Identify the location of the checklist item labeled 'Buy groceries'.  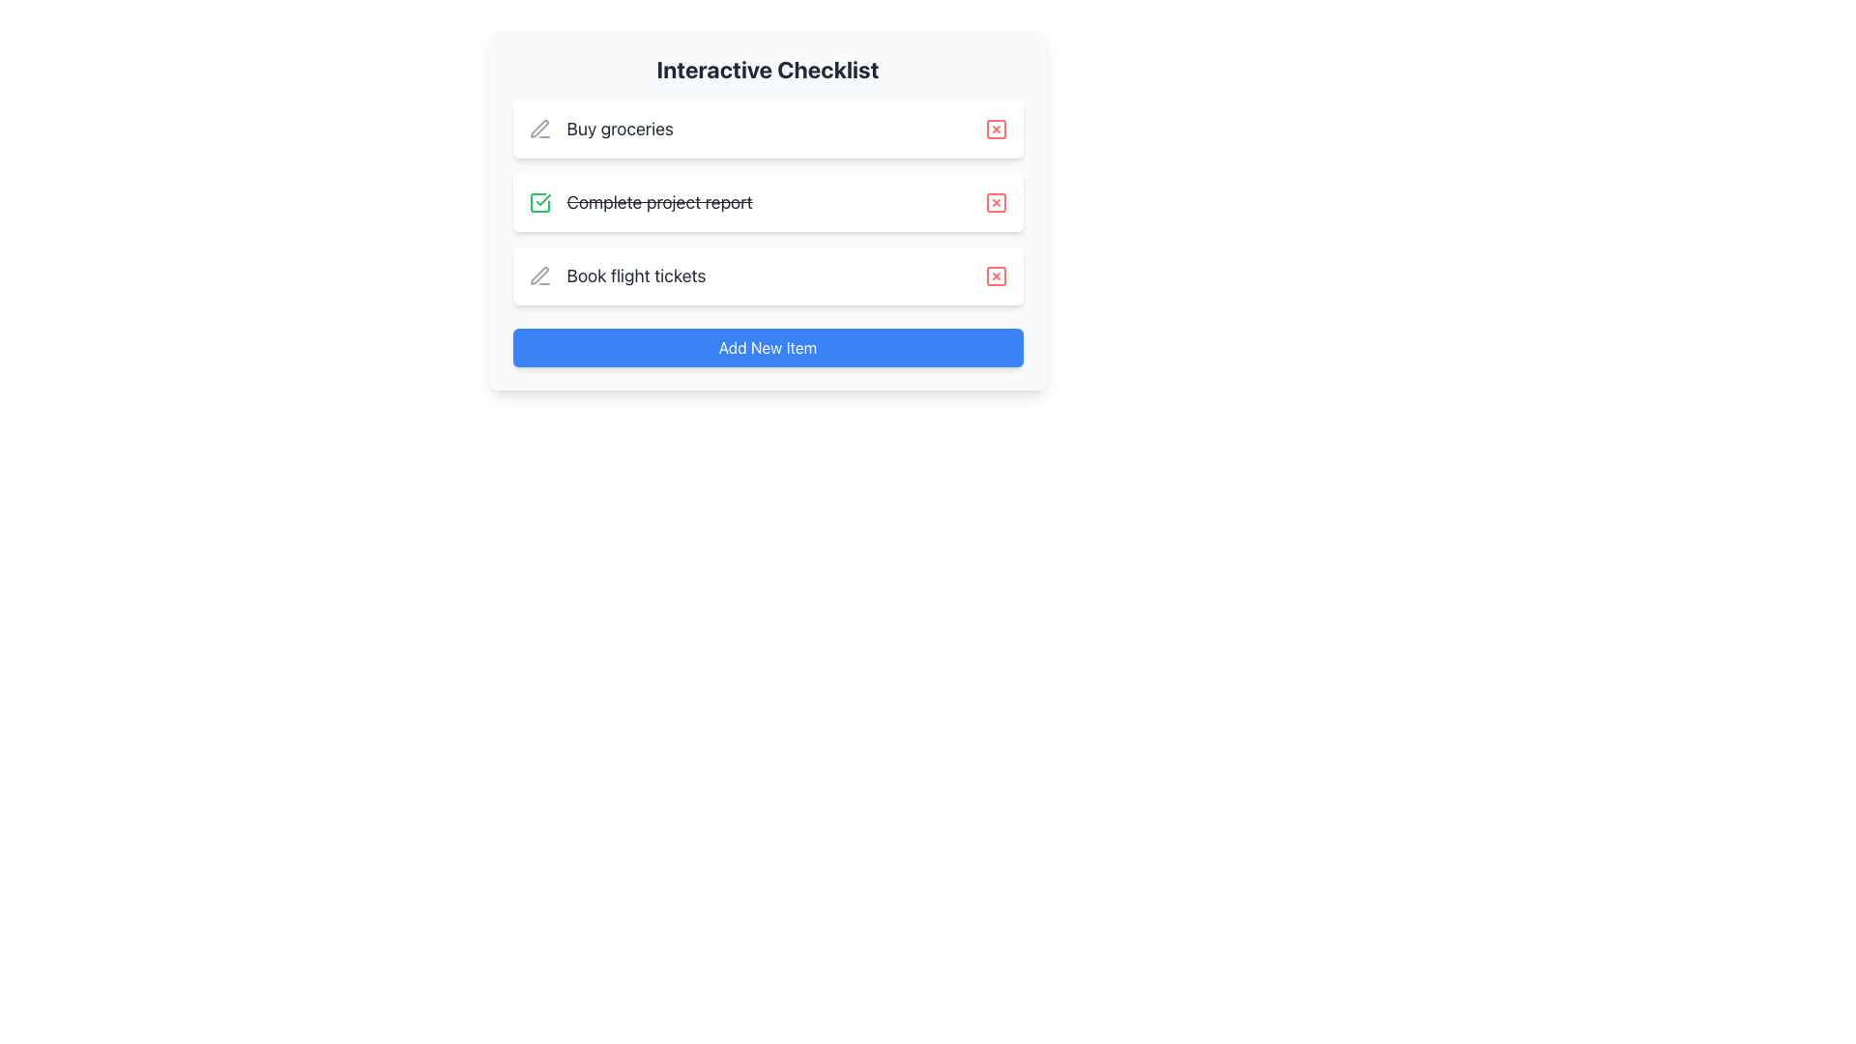
(599, 130).